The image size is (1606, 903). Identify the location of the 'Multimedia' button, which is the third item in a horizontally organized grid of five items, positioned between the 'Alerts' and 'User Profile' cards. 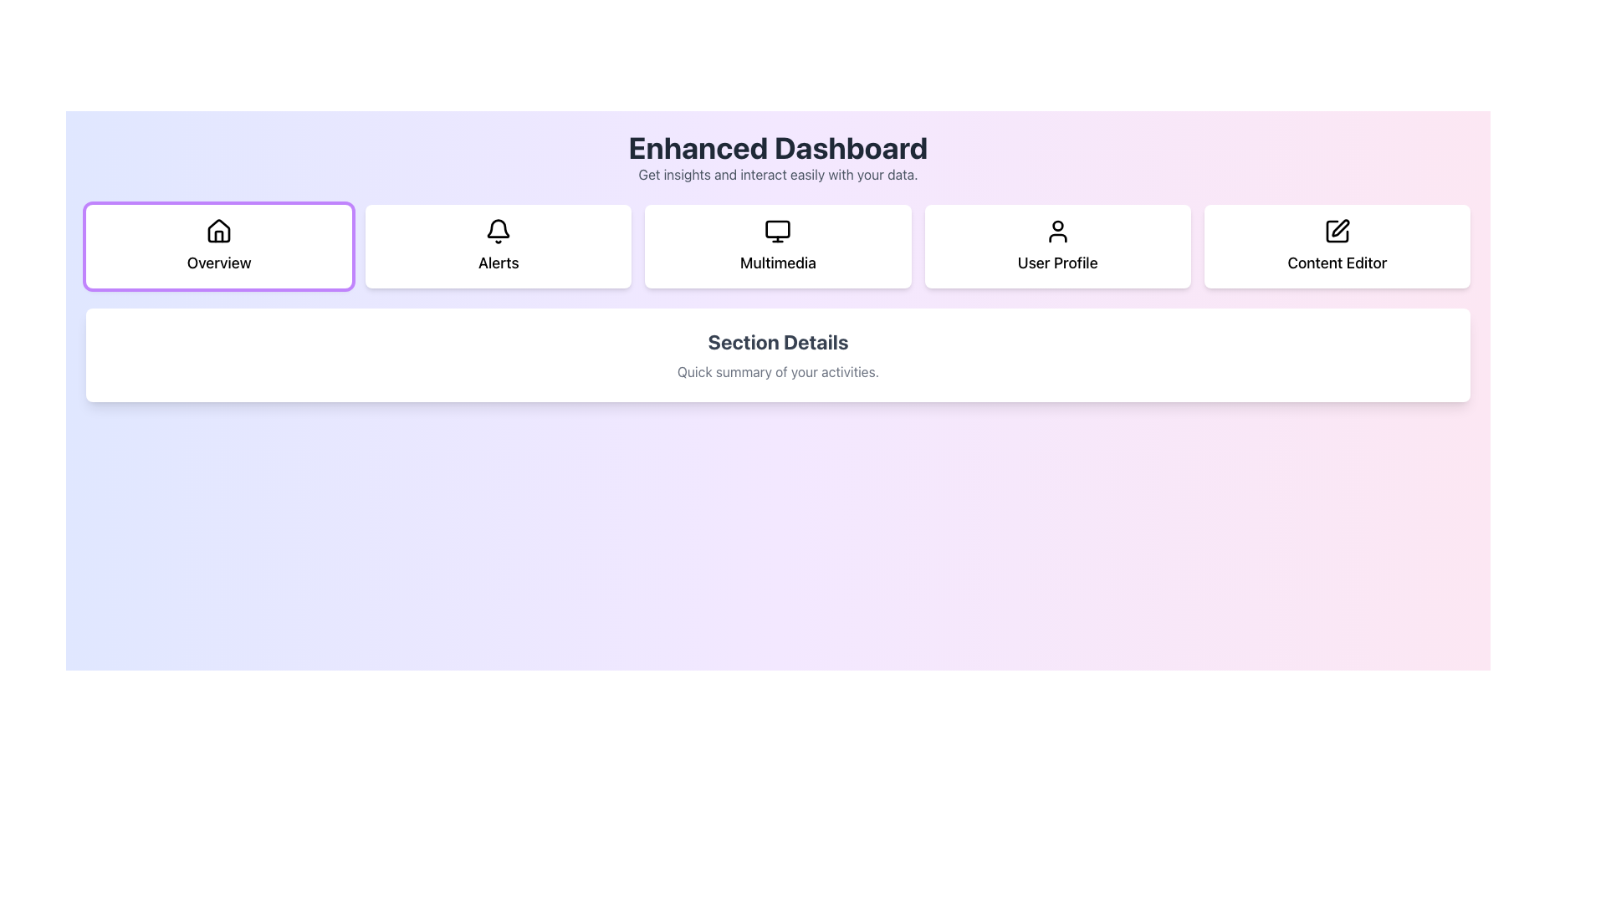
(777, 246).